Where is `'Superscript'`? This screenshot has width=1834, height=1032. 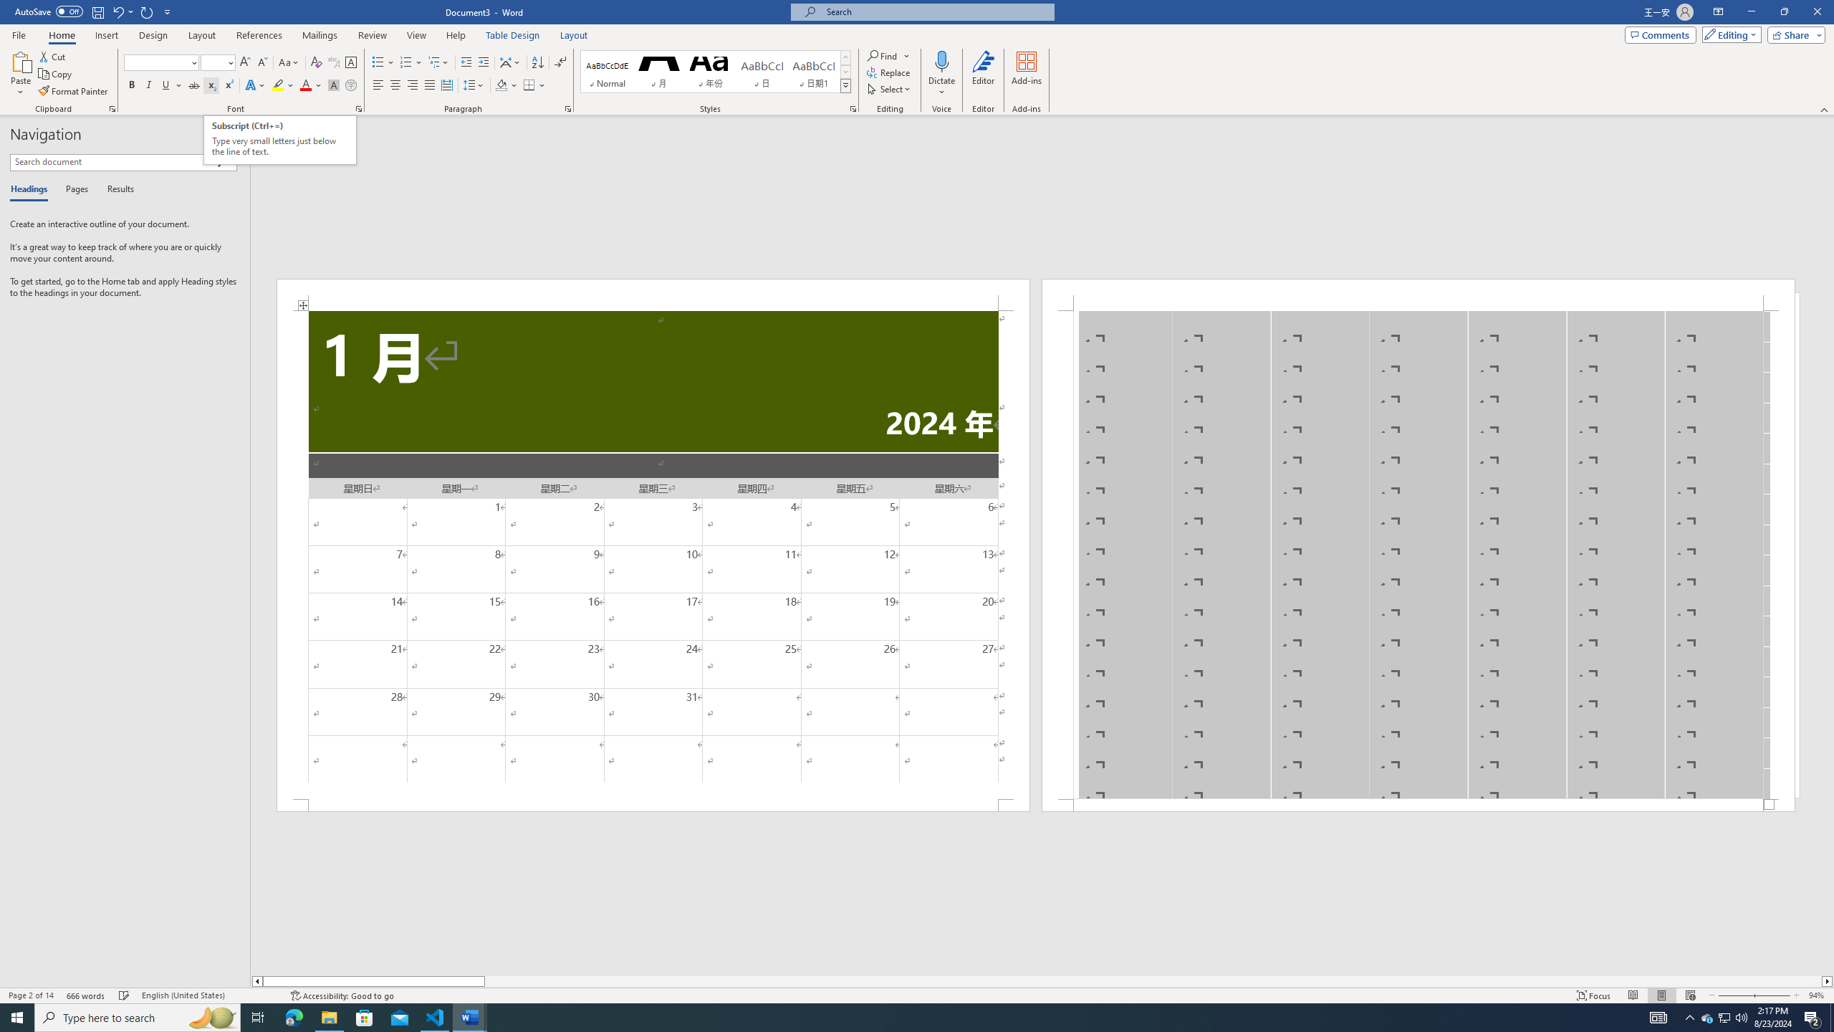 'Superscript' is located at coordinates (227, 85).